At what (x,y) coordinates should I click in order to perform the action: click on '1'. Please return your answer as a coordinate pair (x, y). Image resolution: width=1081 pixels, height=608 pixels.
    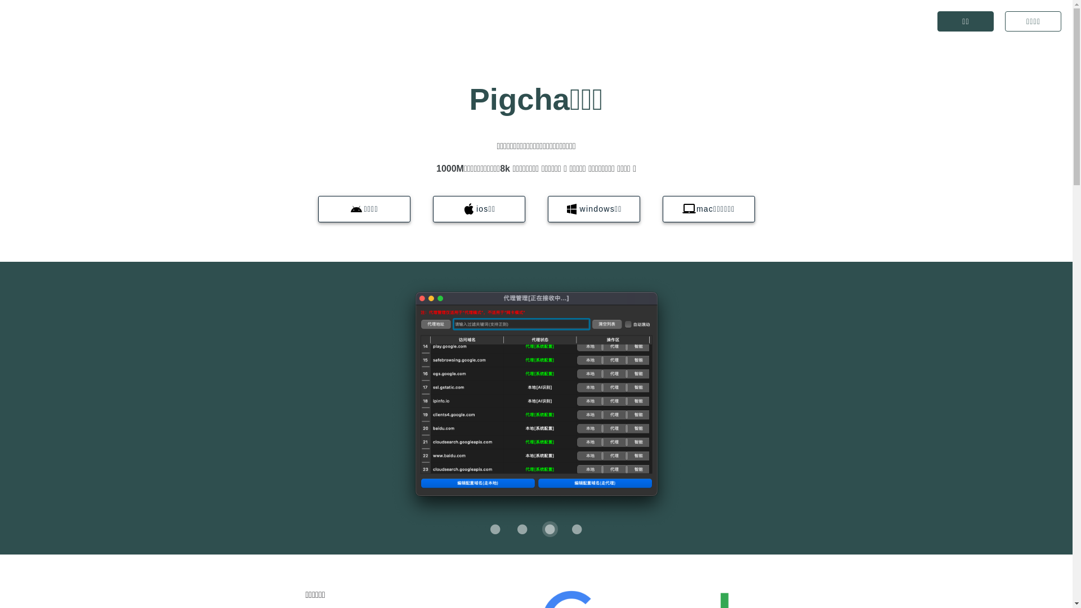
    Looking at the image, I should click on (513, 529).